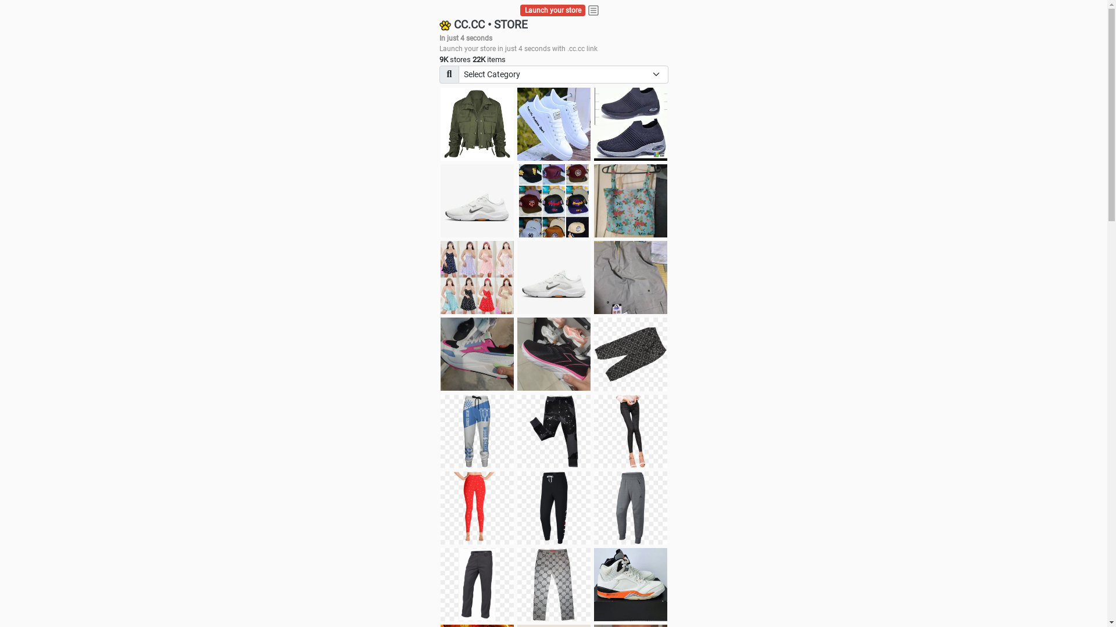 This screenshot has height=627, width=1116. What do you see at coordinates (553, 584) in the screenshot?
I see `'Pant'` at bounding box center [553, 584].